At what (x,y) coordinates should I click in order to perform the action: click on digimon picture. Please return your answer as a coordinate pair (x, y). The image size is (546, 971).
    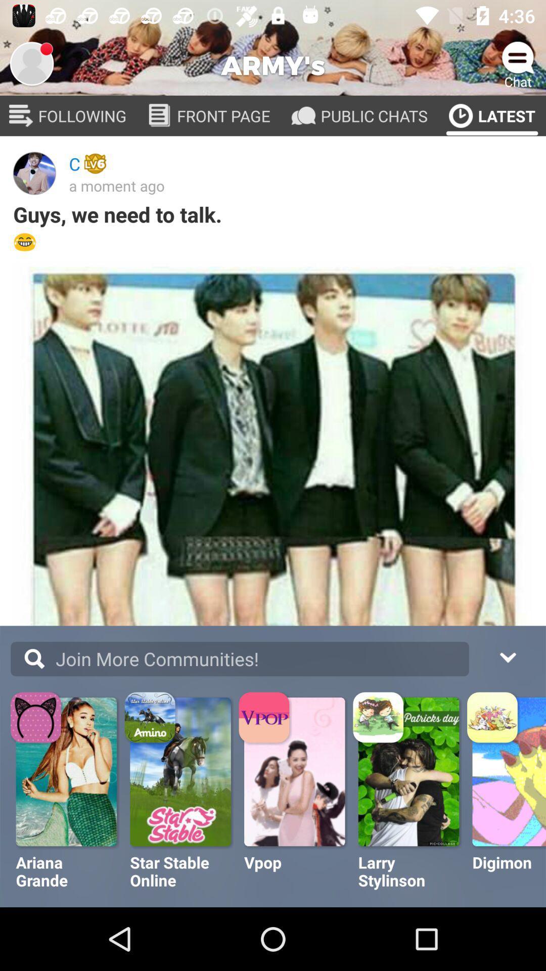
    Looking at the image, I should click on (501, 832).